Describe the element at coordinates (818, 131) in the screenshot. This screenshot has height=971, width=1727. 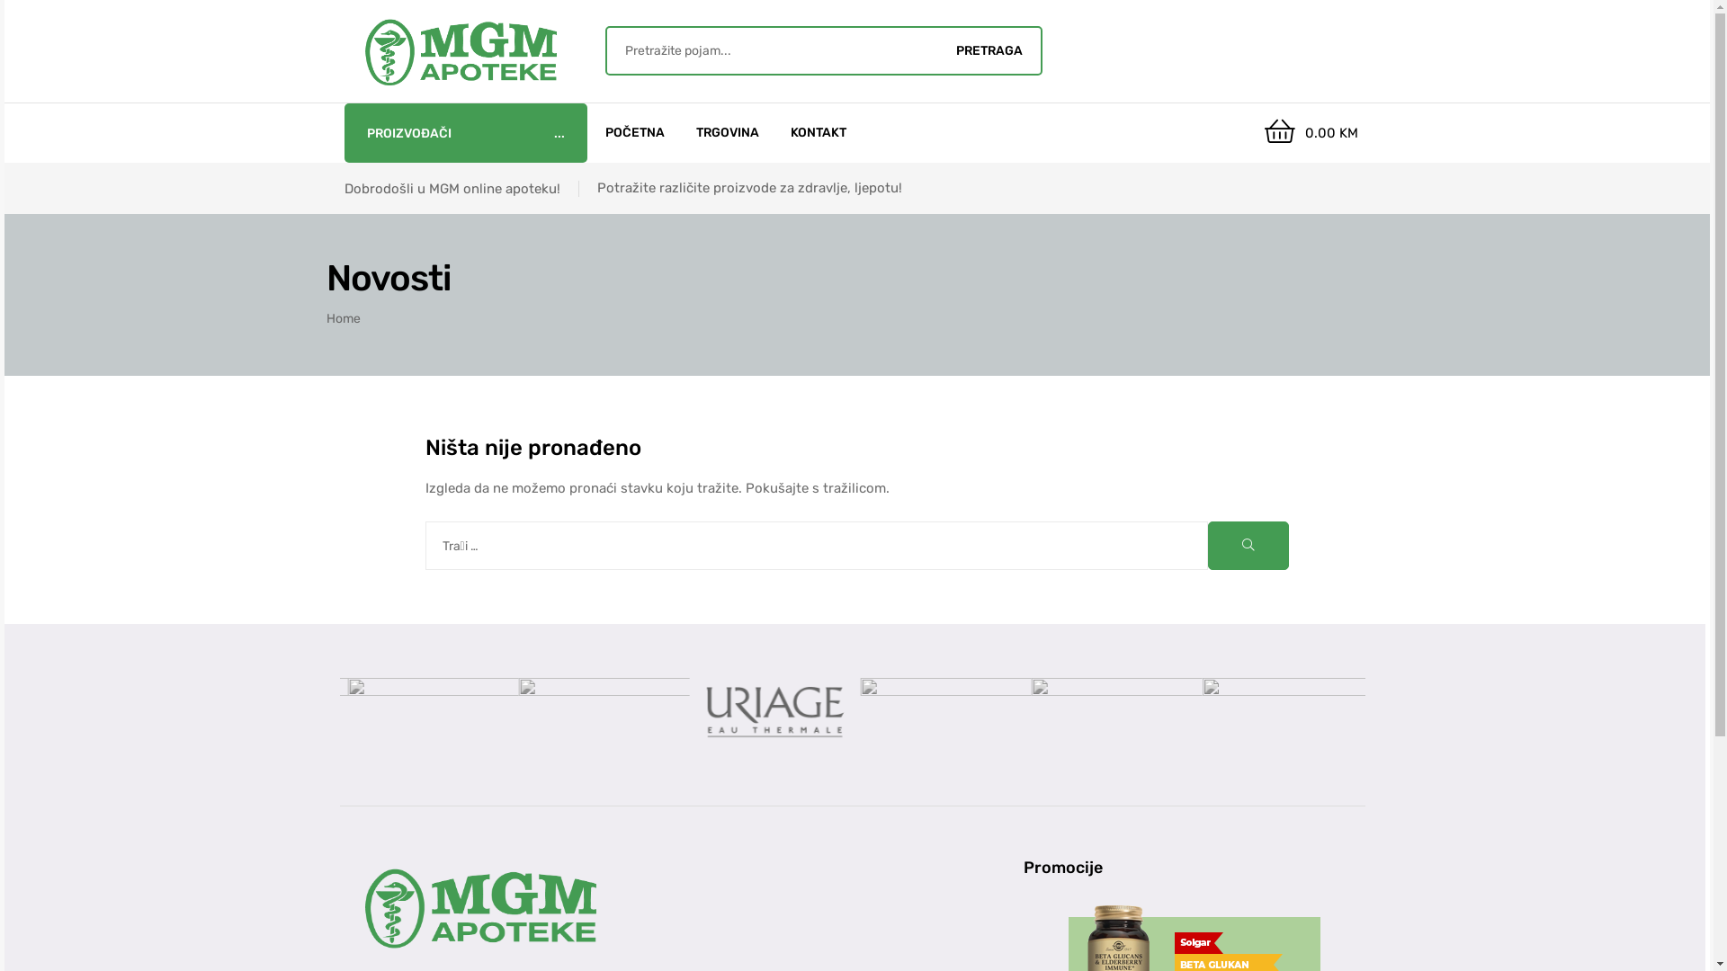
I see `'KONTAKT'` at that location.